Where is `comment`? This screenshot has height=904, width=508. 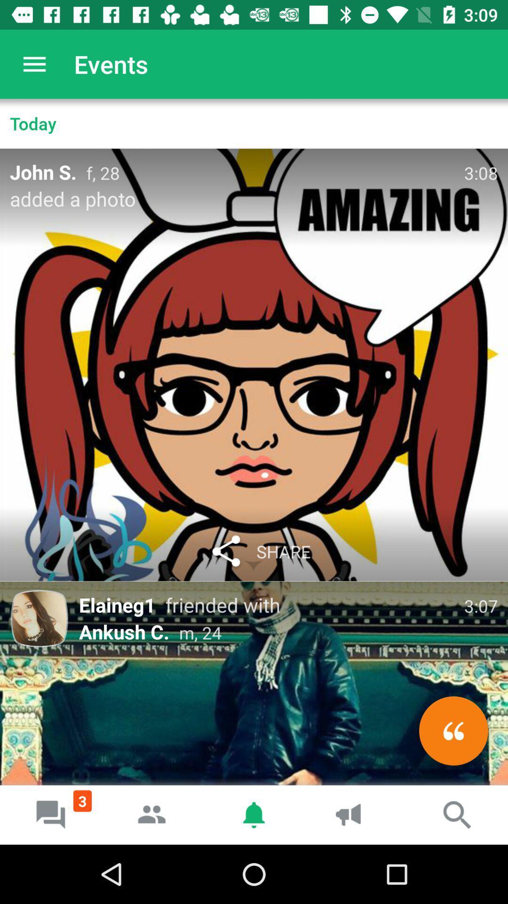 comment is located at coordinates (453, 730).